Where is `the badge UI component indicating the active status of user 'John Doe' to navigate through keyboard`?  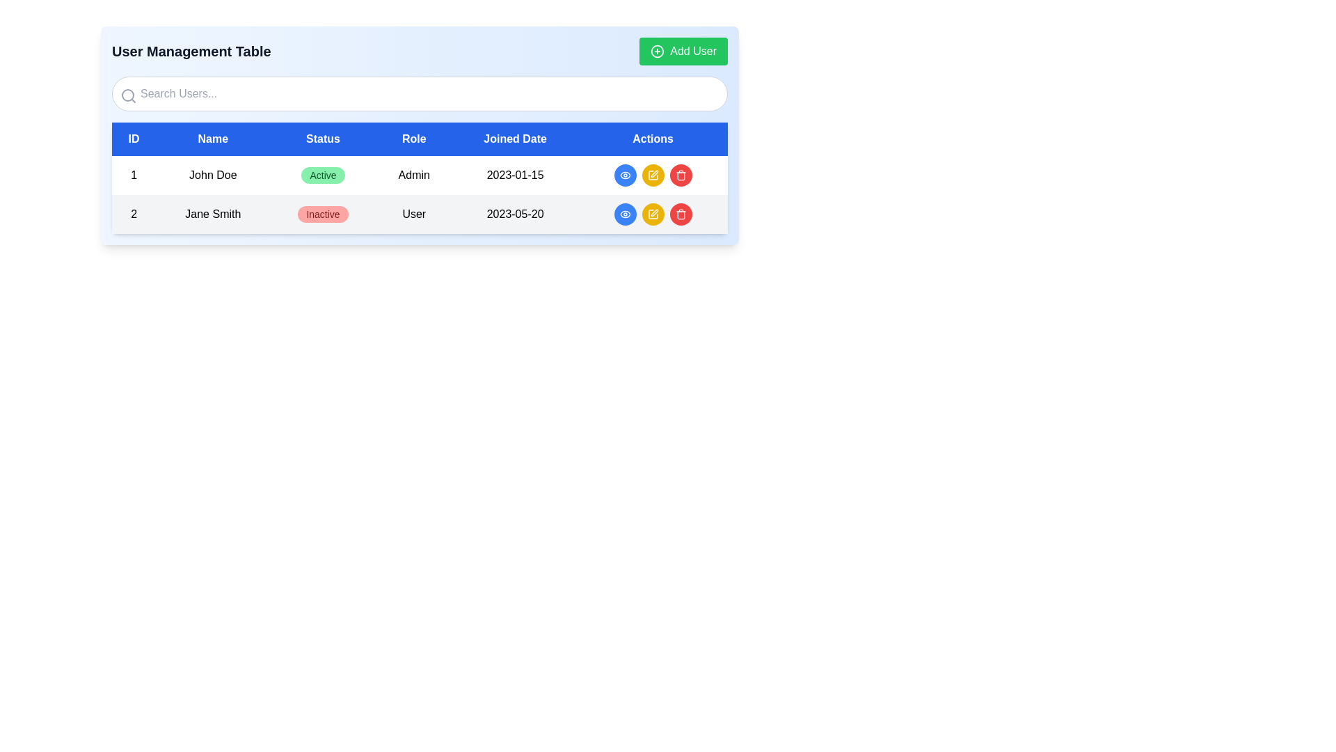 the badge UI component indicating the active status of user 'John Doe' to navigate through keyboard is located at coordinates (322, 174).